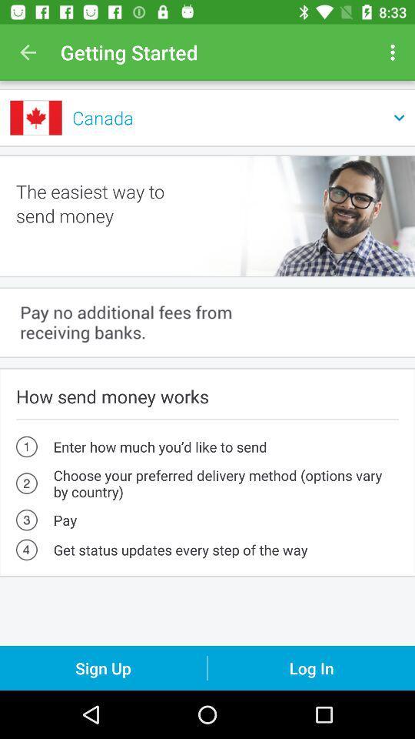 The height and width of the screenshot is (739, 415). I want to click on the icon next to getting started icon, so click(28, 52).